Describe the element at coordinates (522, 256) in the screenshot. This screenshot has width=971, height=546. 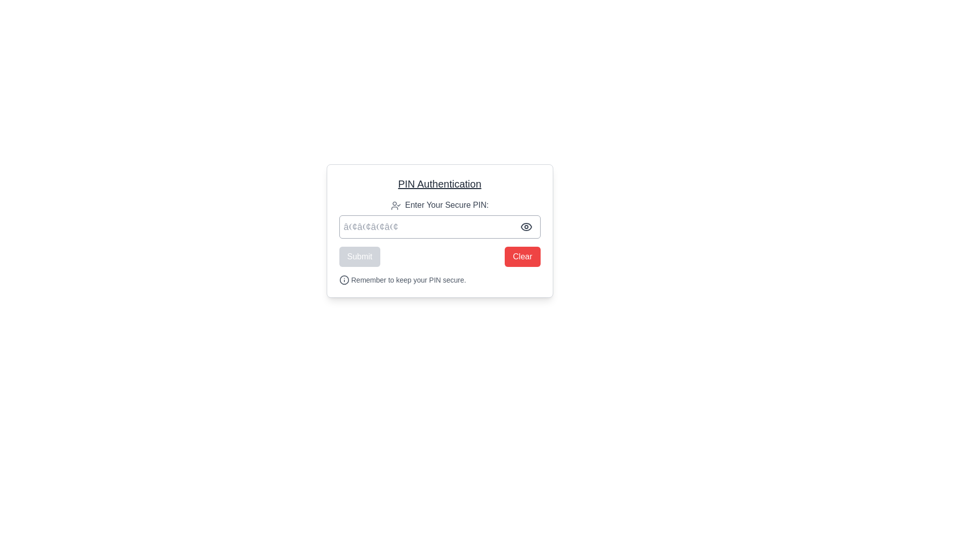
I see `the clear button located at the bottom-right corner of the dialog box to clear the current input or data in the associated form` at that location.